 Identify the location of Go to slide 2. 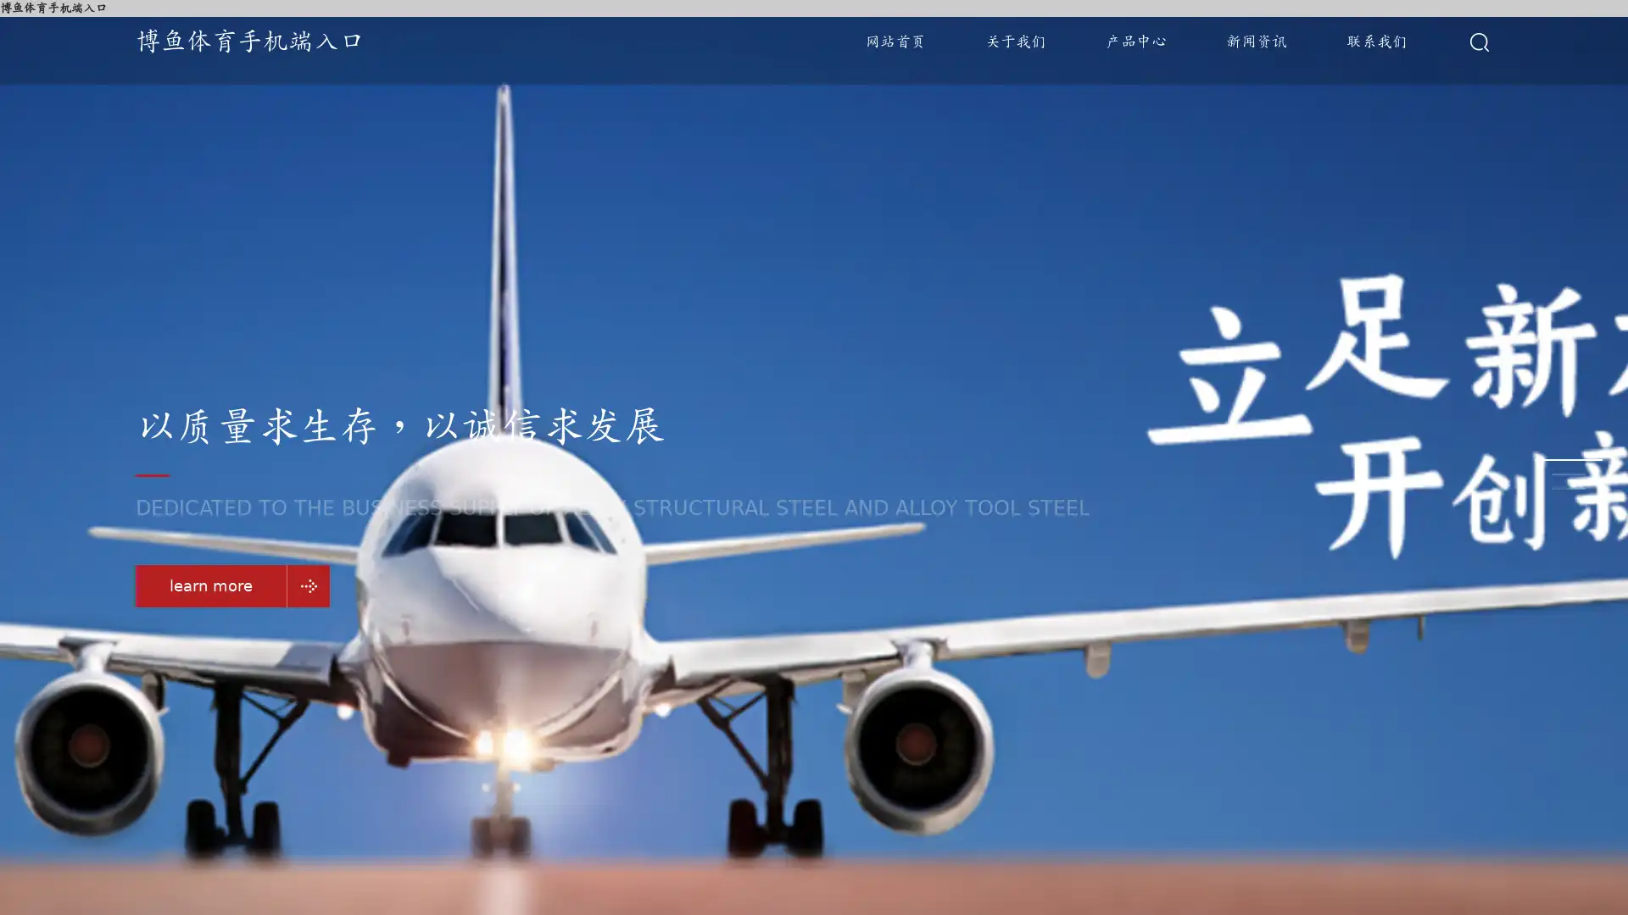
(1567, 474).